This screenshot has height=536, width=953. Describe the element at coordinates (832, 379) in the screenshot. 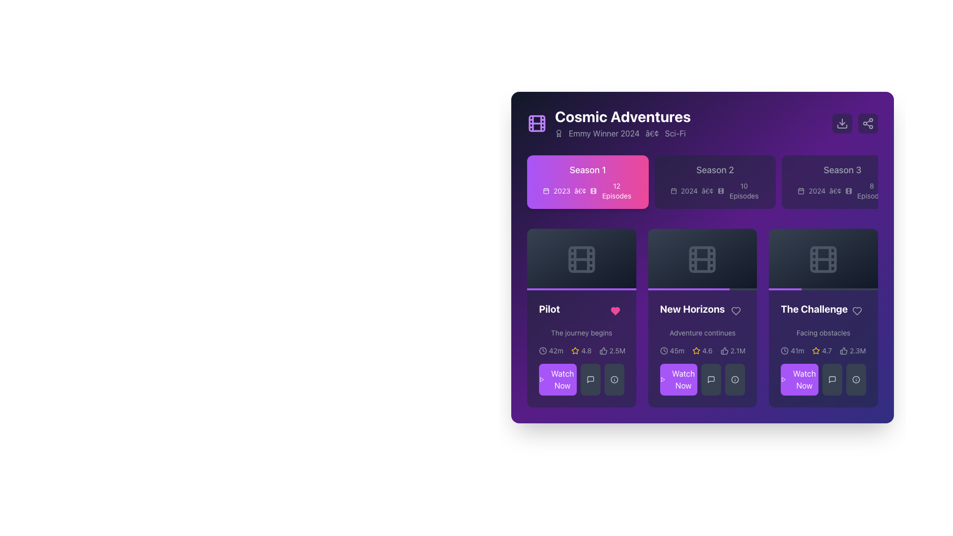

I see `the small comment or message icon, styled as a speech bubble outline, located in the bottom right corner of the card titled 'The Challenge'` at that location.